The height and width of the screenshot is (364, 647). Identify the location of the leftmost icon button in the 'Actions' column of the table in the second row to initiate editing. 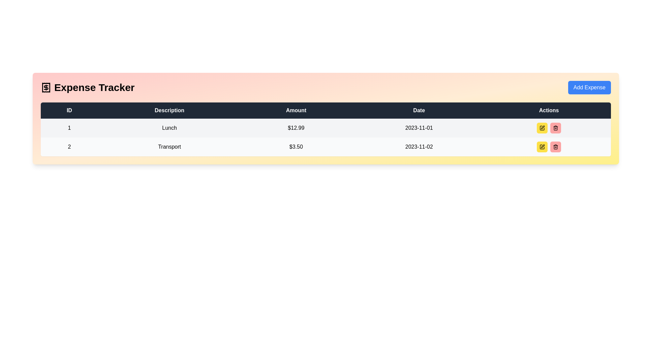
(542, 128).